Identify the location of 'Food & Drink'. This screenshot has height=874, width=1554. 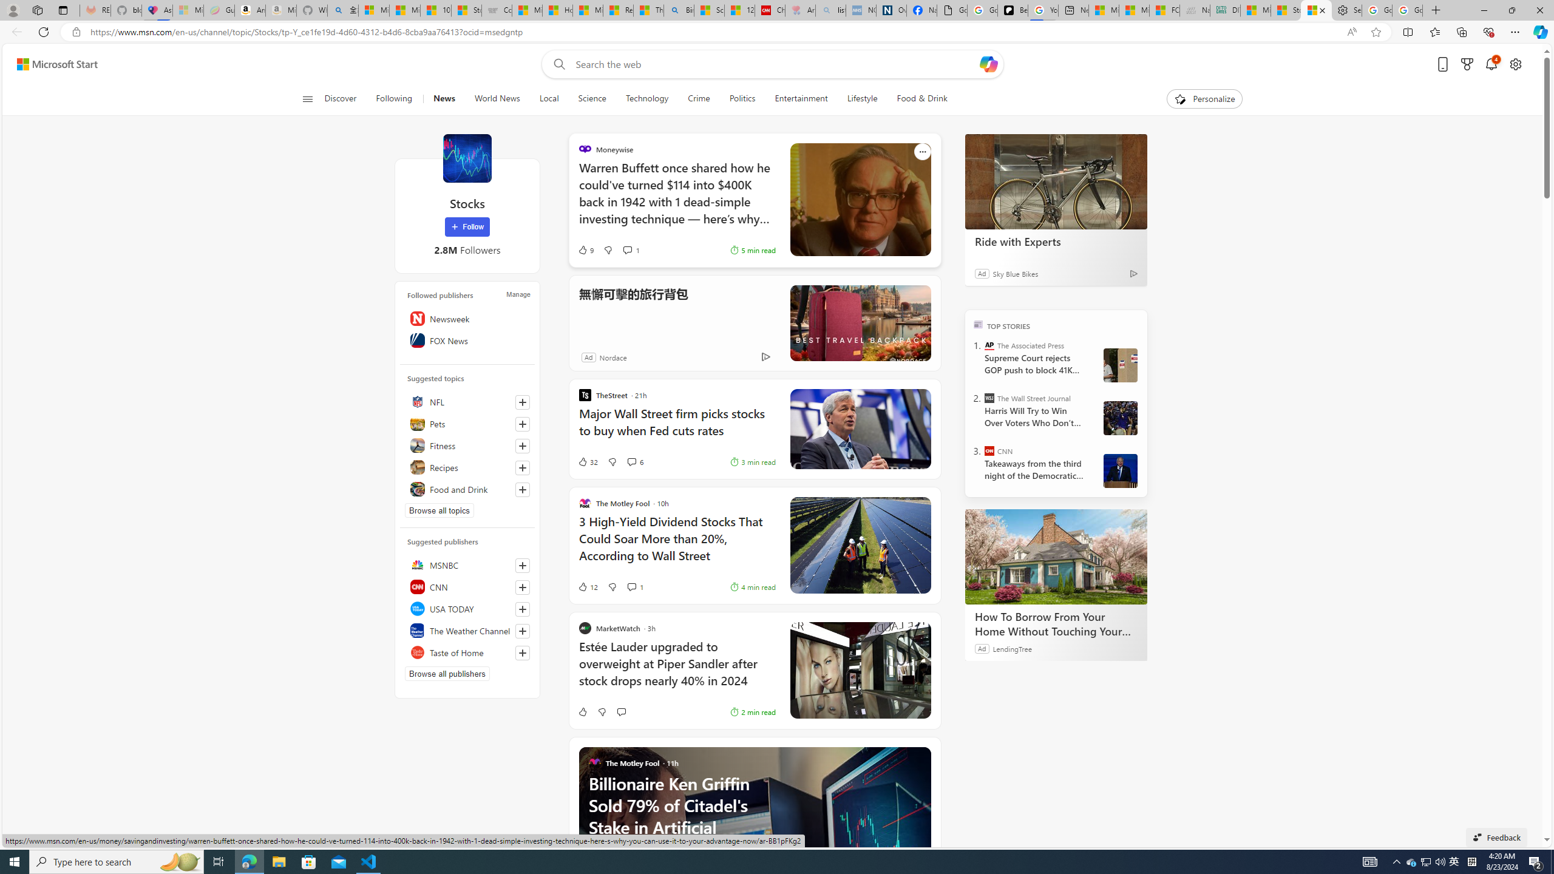
(922, 98).